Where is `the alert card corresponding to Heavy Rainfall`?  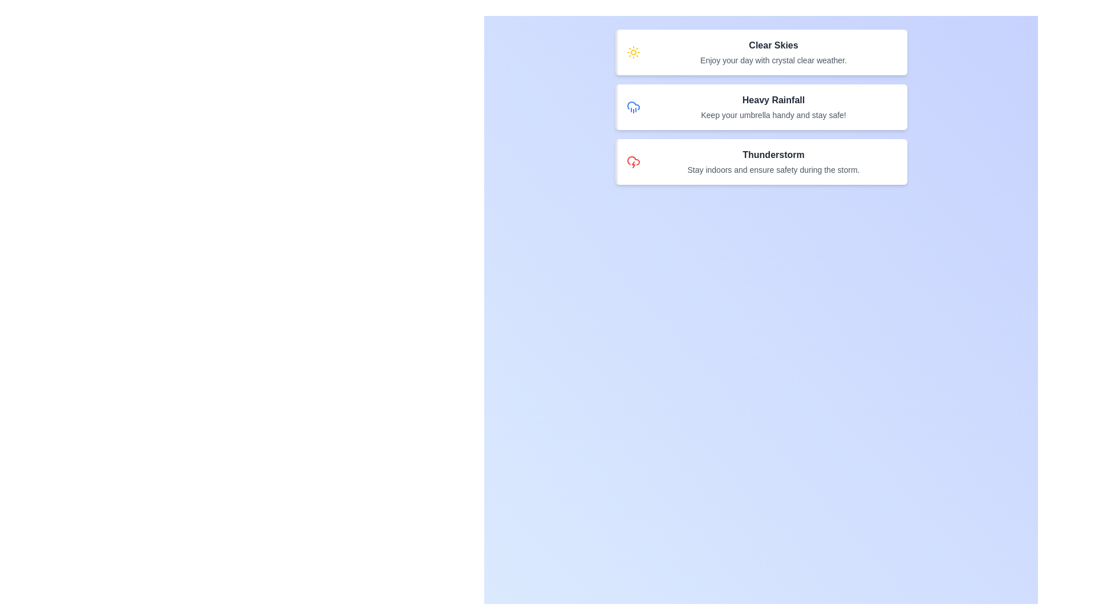 the alert card corresponding to Heavy Rainfall is located at coordinates (761, 107).